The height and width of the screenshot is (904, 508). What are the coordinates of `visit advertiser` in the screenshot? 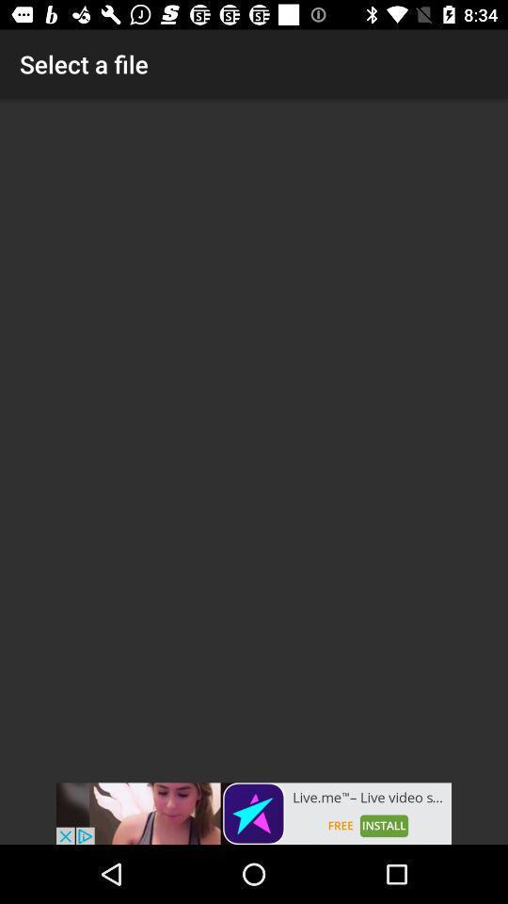 It's located at (254, 813).